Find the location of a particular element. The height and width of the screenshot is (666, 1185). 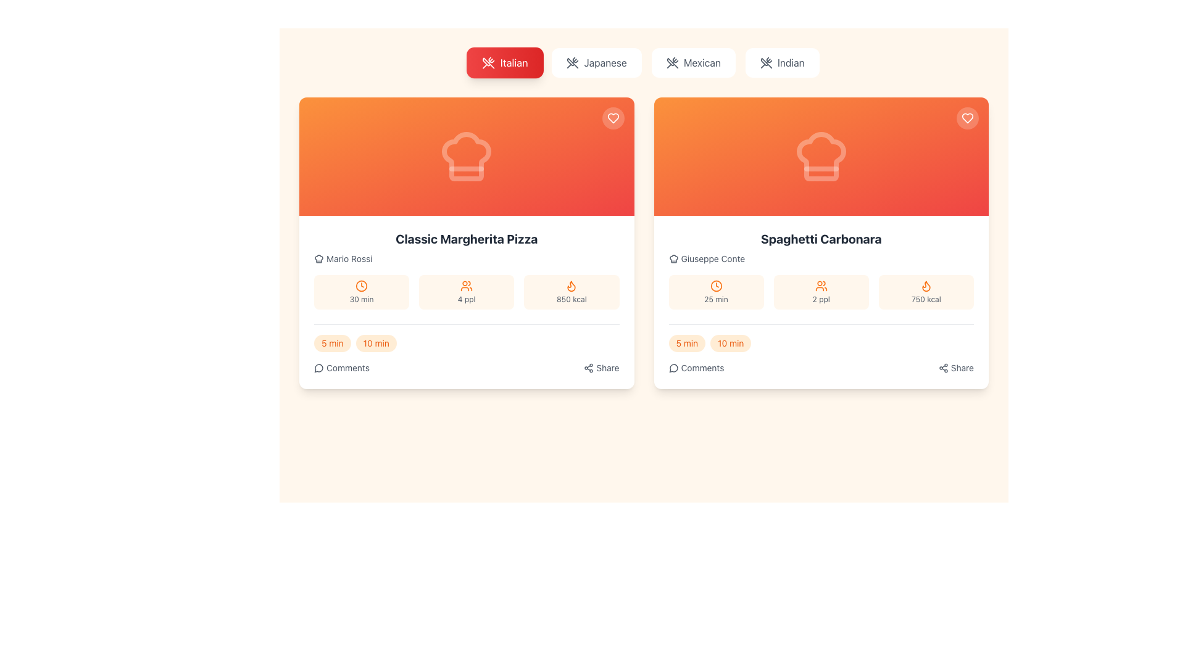

the 'Comments' button, which features a speech bubble icon and the text 'Comments' in gray, located at the bottom-left corner of the 'Classic Margherita Pizza' card is located at coordinates (341, 368).